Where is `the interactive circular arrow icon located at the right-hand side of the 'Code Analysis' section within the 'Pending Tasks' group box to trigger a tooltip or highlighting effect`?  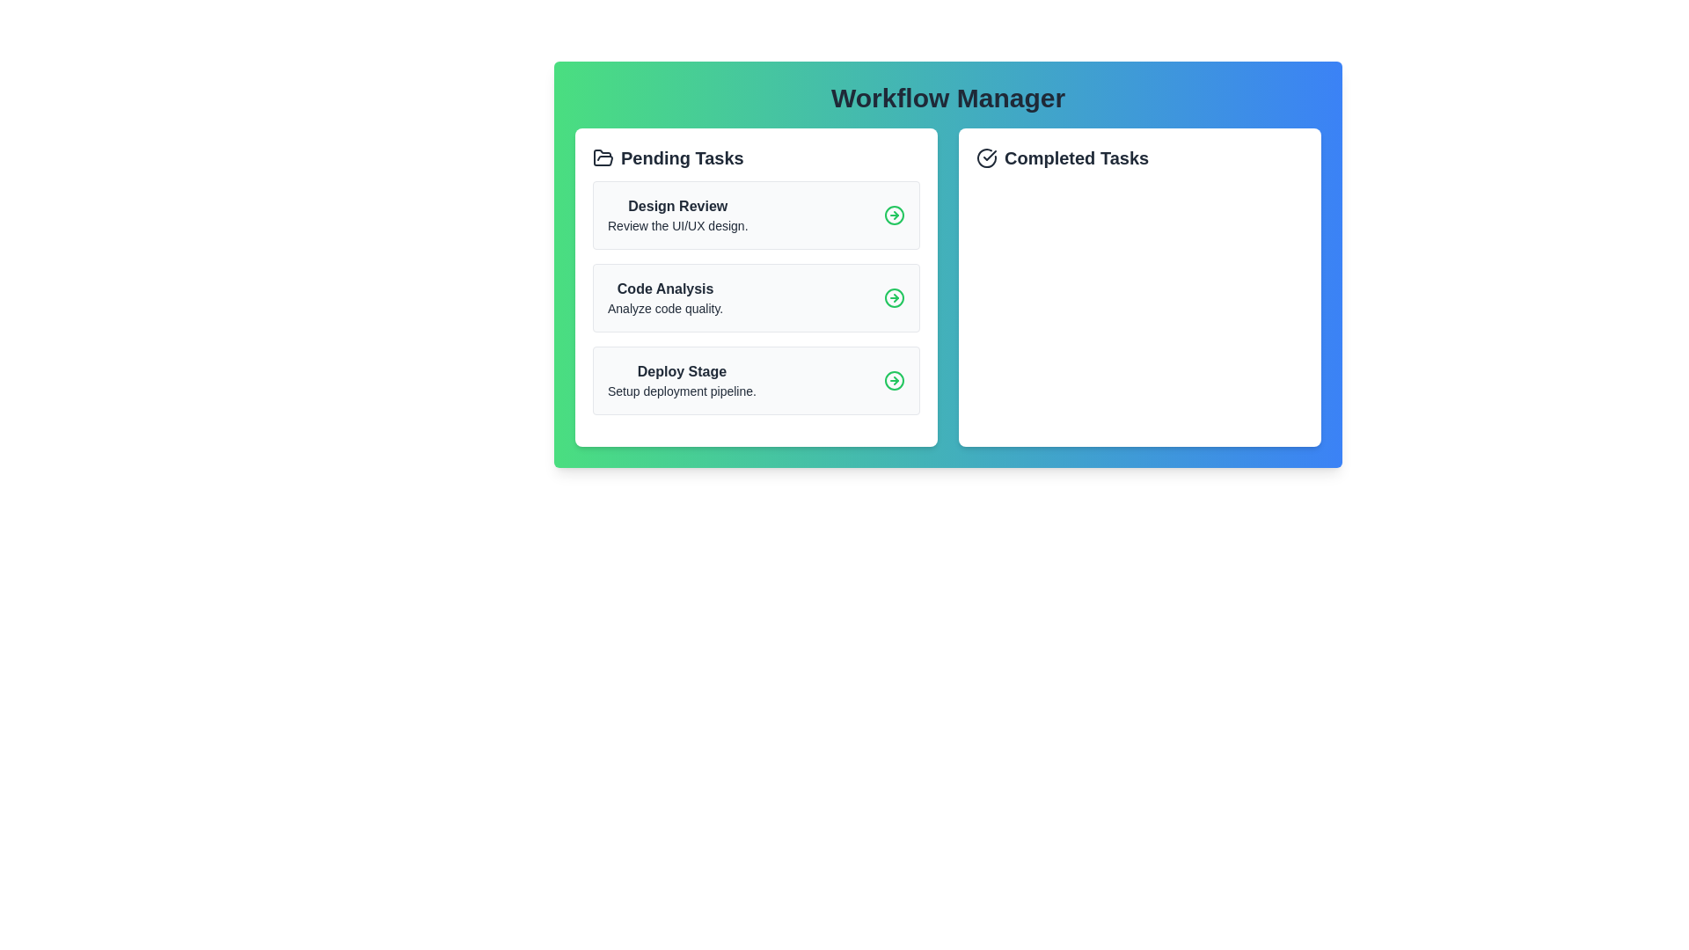
the interactive circular arrow icon located at the right-hand side of the 'Code Analysis' section within the 'Pending Tasks' group box to trigger a tooltip or highlighting effect is located at coordinates (895, 297).